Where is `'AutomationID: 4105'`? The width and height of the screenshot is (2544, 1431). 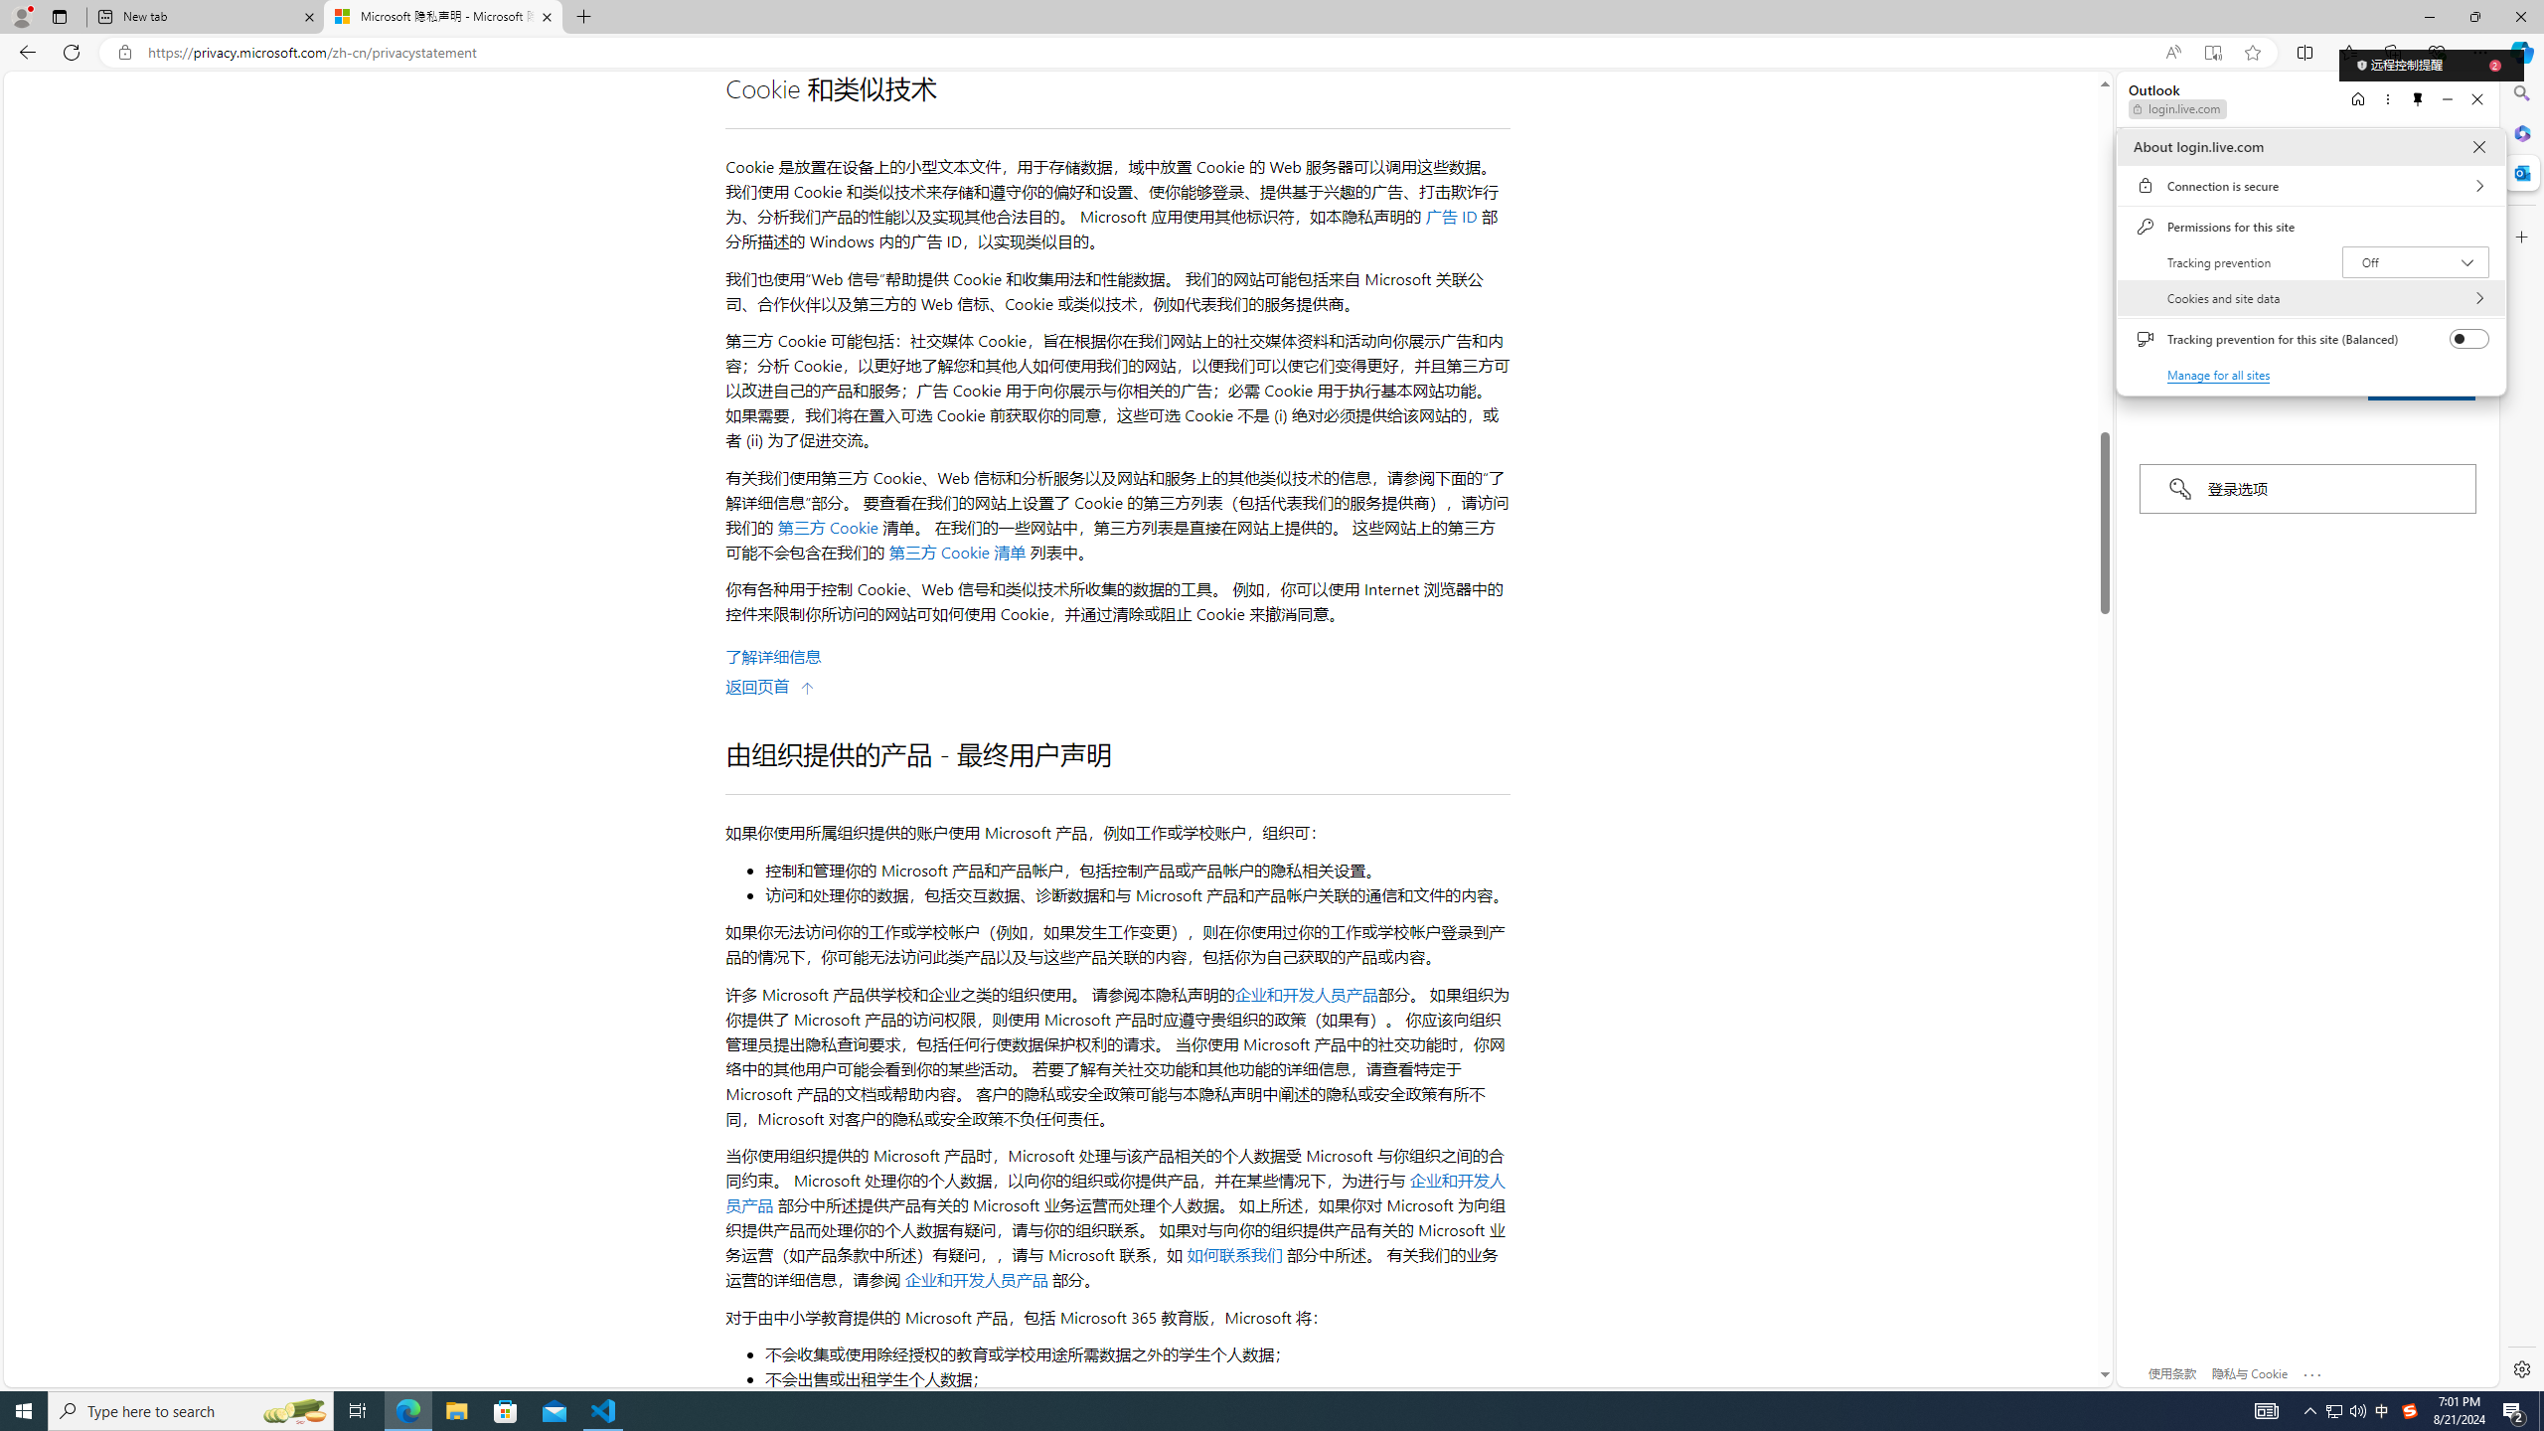 'AutomationID: 4105' is located at coordinates (2265, 1409).